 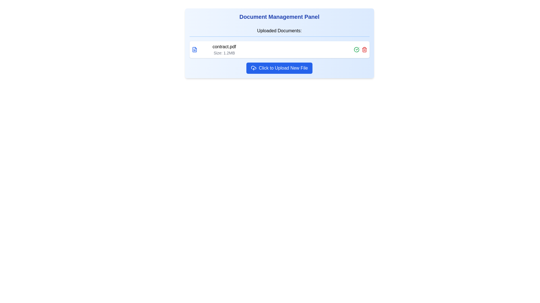 What do you see at coordinates (279, 17) in the screenshot?
I see `the static text label that serves as a heading for the document management card section, which is centrally aligned at the top of the card` at bounding box center [279, 17].